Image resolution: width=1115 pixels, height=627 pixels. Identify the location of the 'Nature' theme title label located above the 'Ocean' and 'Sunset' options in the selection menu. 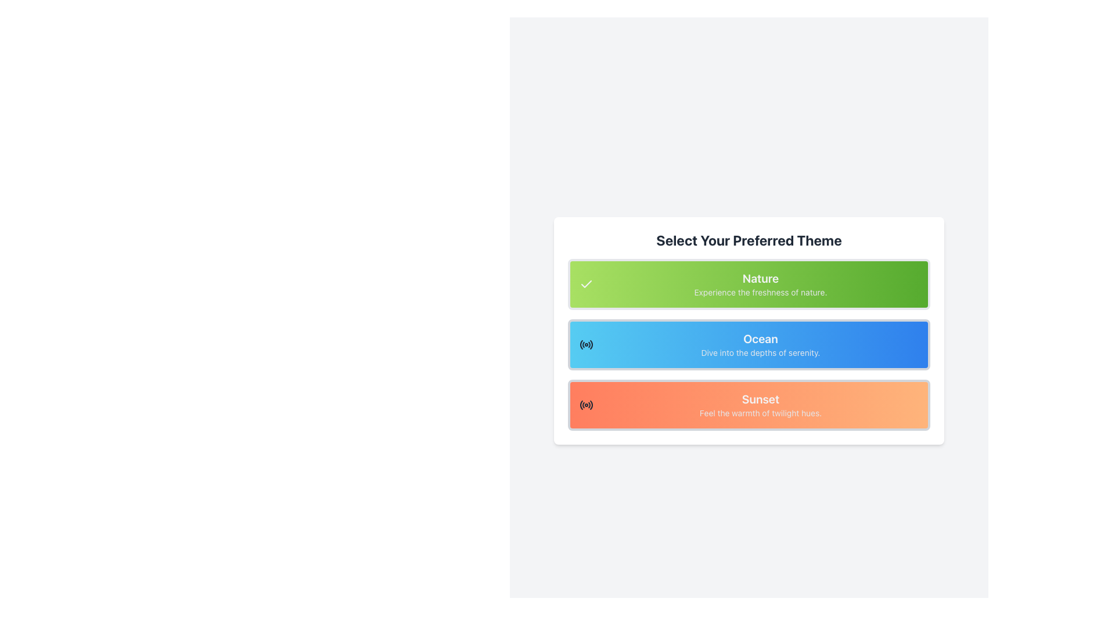
(761, 278).